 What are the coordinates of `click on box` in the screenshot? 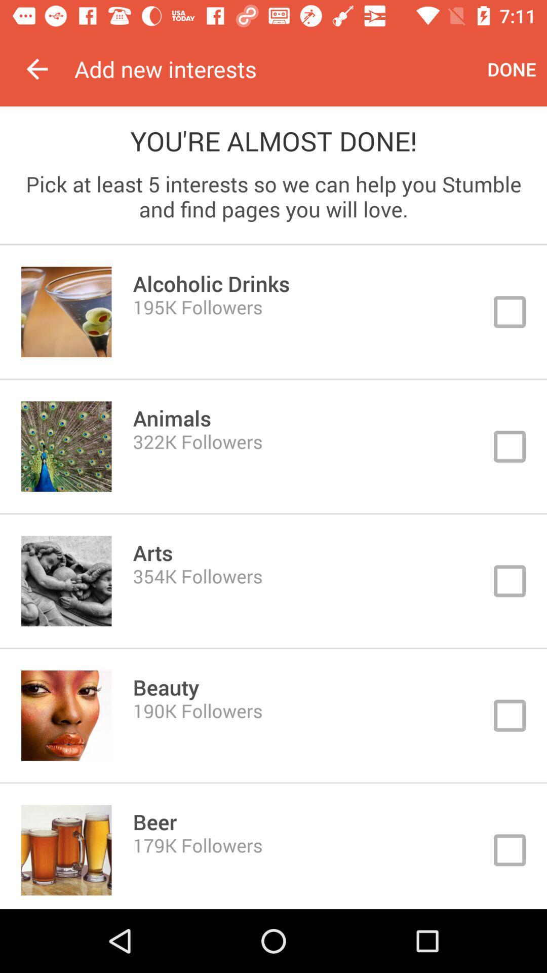 It's located at (273, 581).